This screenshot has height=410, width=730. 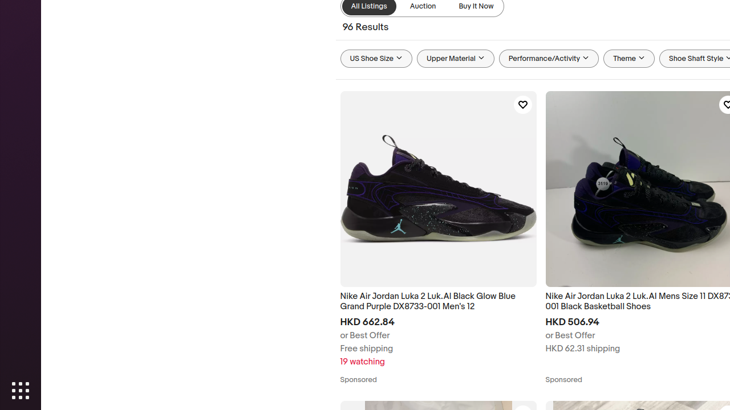 What do you see at coordinates (455, 59) in the screenshot?
I see `'Upper Material'` at bounding box center [455, 59].